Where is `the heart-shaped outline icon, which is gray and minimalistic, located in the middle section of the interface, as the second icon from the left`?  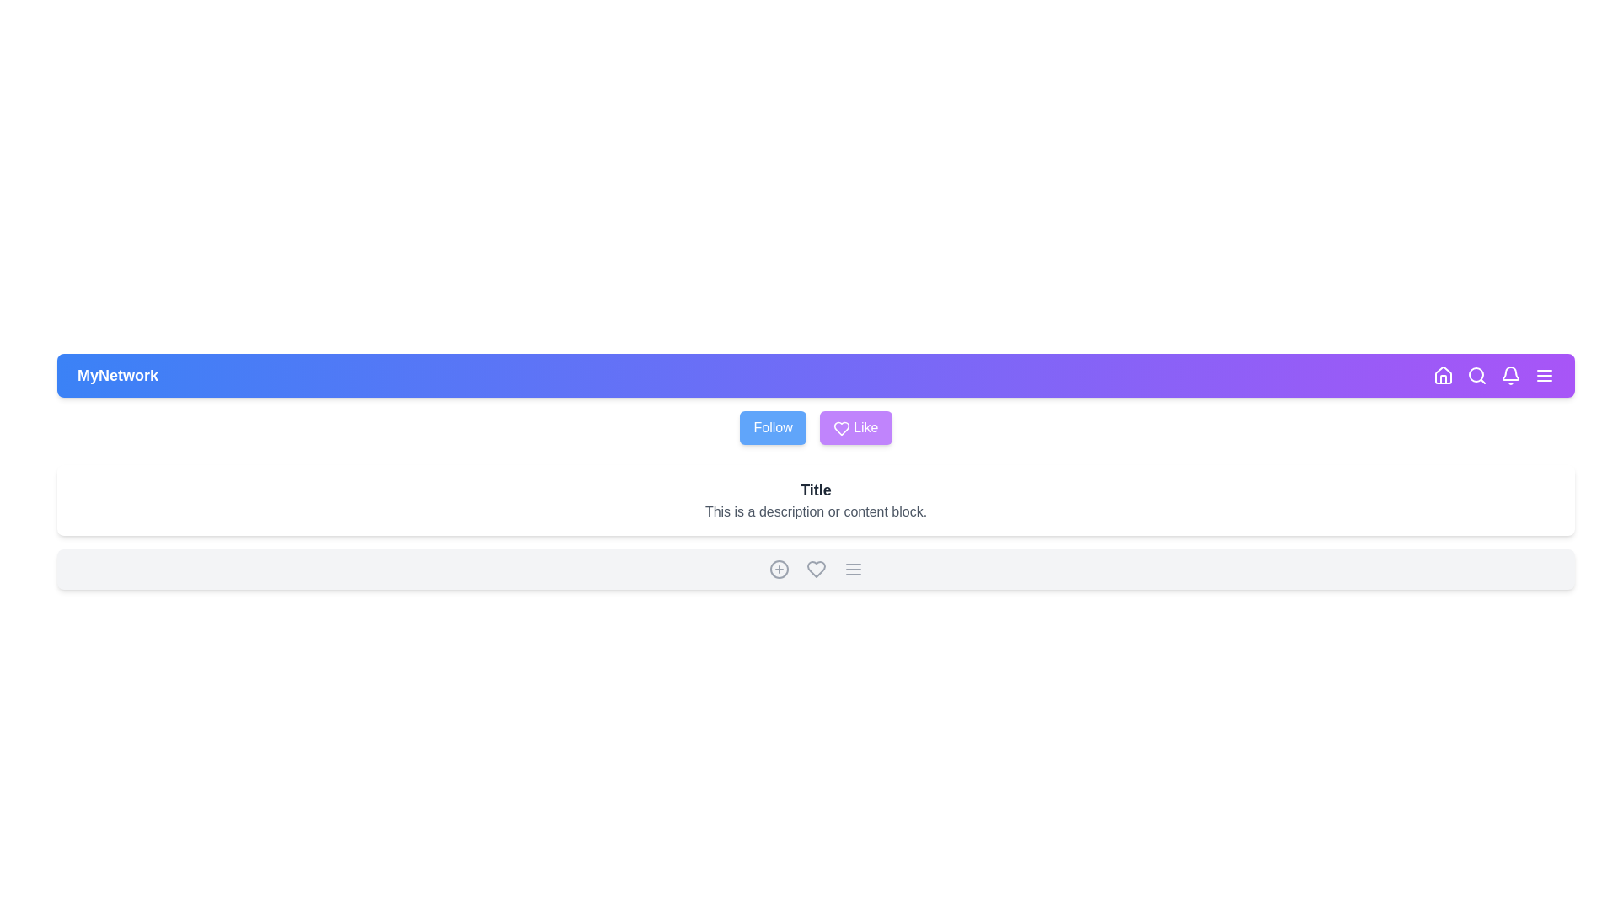 the heart-shaped outline icon, which is gray and minimalistic, located in the middle section of the interface, as the second icon from the left is located at coordinates (816, 569).